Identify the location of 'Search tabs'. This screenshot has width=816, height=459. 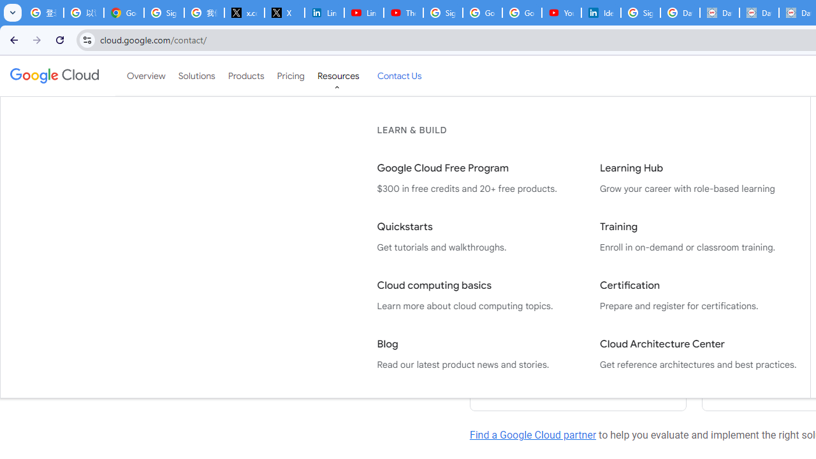
(13, 13).